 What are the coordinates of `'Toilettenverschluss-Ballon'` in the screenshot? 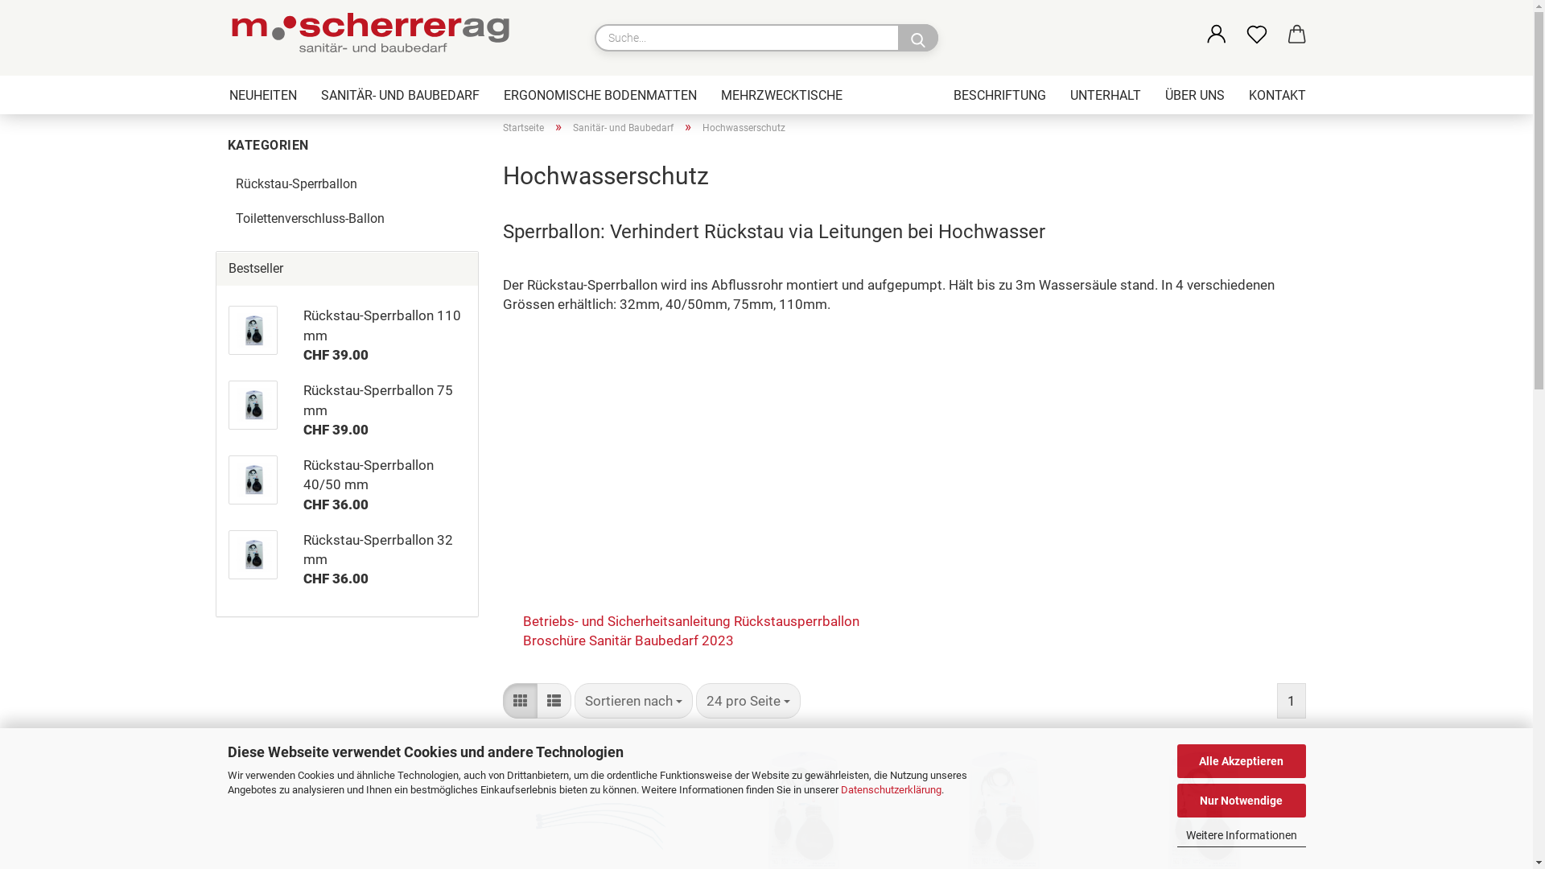 It's located at (226, 219).